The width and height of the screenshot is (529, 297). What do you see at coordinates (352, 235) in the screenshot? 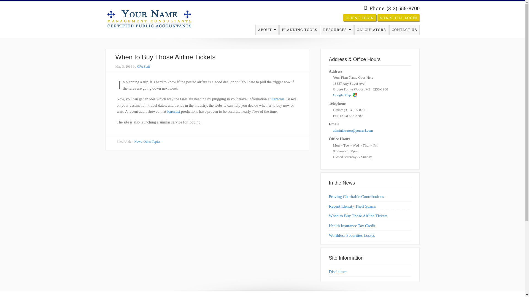
I see `'Worthless Securities Losses'` at bounding box center [352, 235].